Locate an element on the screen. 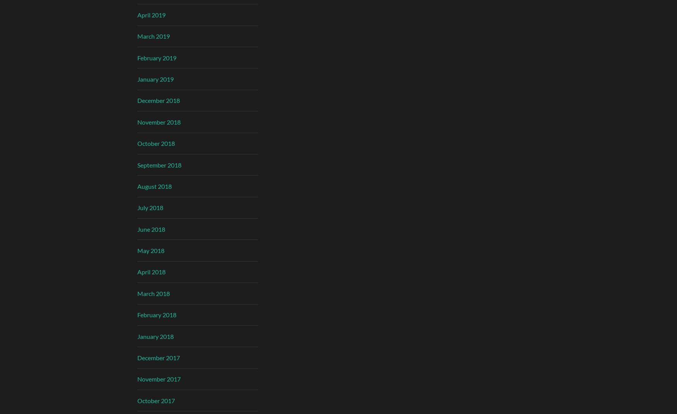 Image resolution: width=677 pixels, height=414 pixels. 'July 2018' is located at coordinates (137, 207).